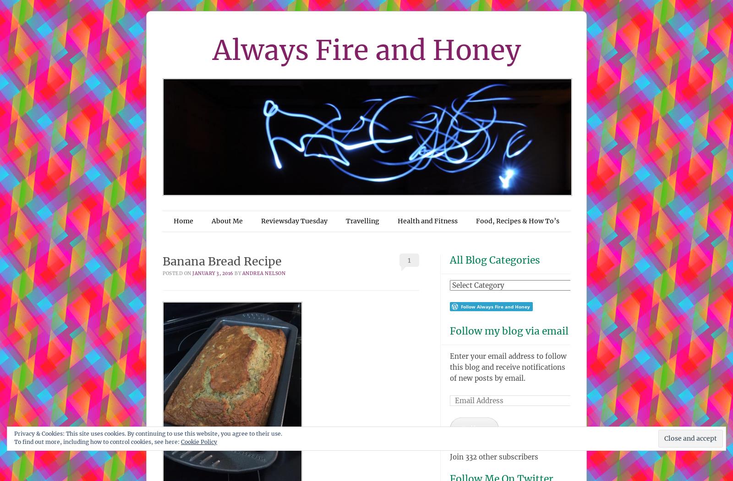  I want to click on 'Banana Bread Recipe', so click(223, 260).